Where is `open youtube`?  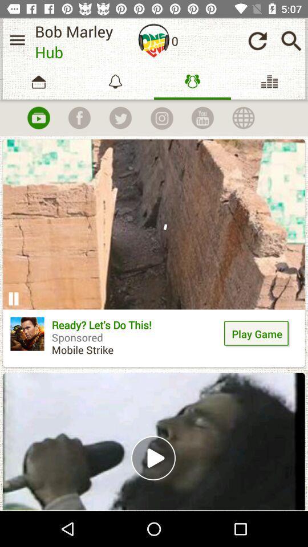
open youtube is located at coordinates (202, 118).